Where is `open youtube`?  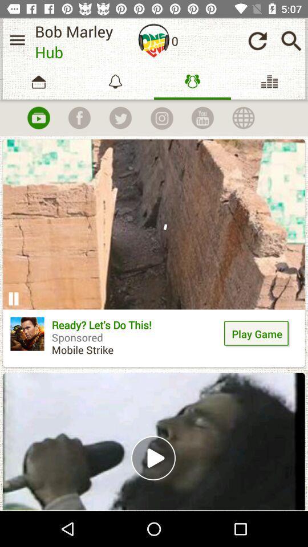
open youtube is located at coordinates (202, 118).